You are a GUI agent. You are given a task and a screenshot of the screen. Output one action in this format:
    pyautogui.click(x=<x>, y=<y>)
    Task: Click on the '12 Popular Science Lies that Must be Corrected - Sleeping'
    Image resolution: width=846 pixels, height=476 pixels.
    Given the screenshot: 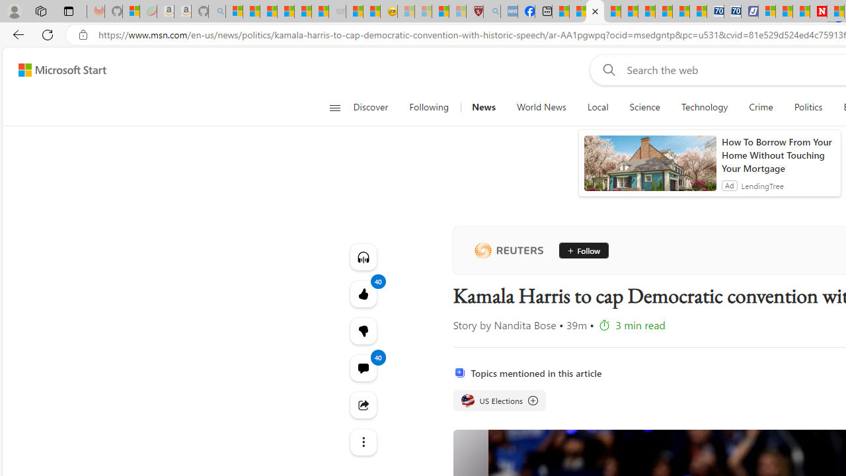 What is the action you would take?
    pyautogui.click(x=457, y=11)
    